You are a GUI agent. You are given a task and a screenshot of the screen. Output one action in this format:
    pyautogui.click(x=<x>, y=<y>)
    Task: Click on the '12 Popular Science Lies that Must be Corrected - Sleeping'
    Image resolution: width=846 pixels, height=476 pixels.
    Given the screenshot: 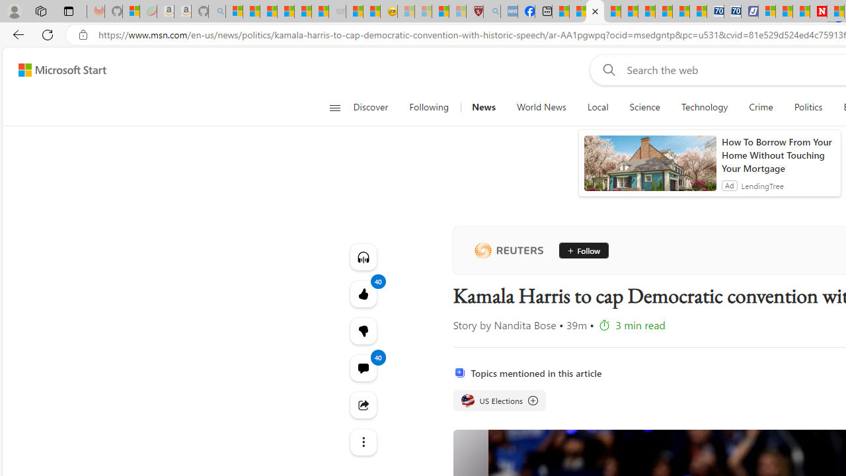 What is the action you would take?
    pyautogui.click(x=457, y=11)
    